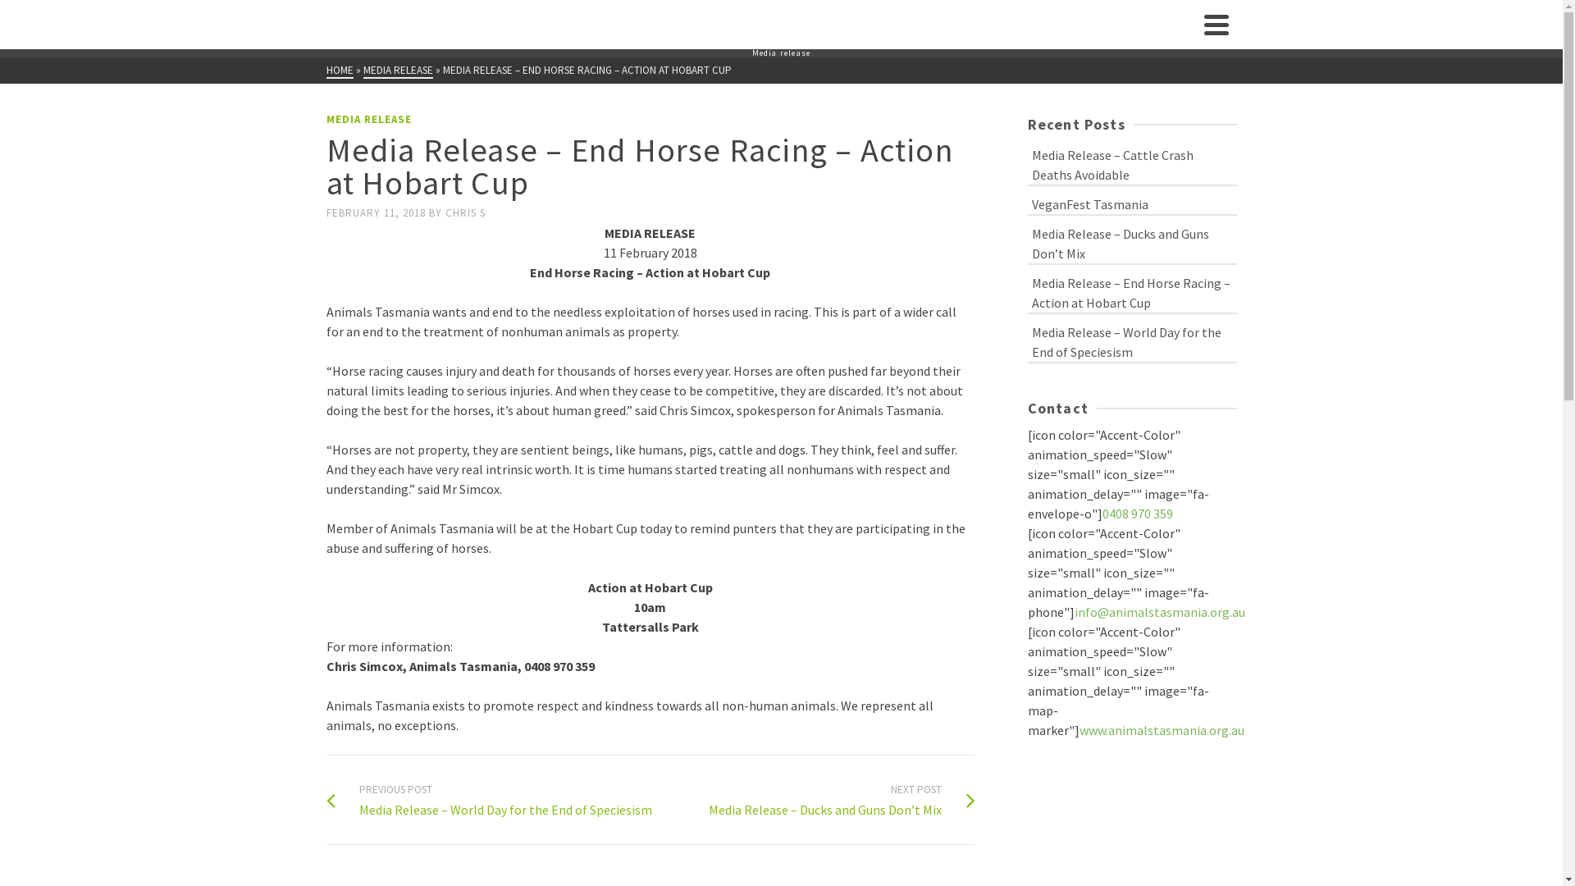  I want to click on 'VeganFest Tasmania', so click(1130, 202).